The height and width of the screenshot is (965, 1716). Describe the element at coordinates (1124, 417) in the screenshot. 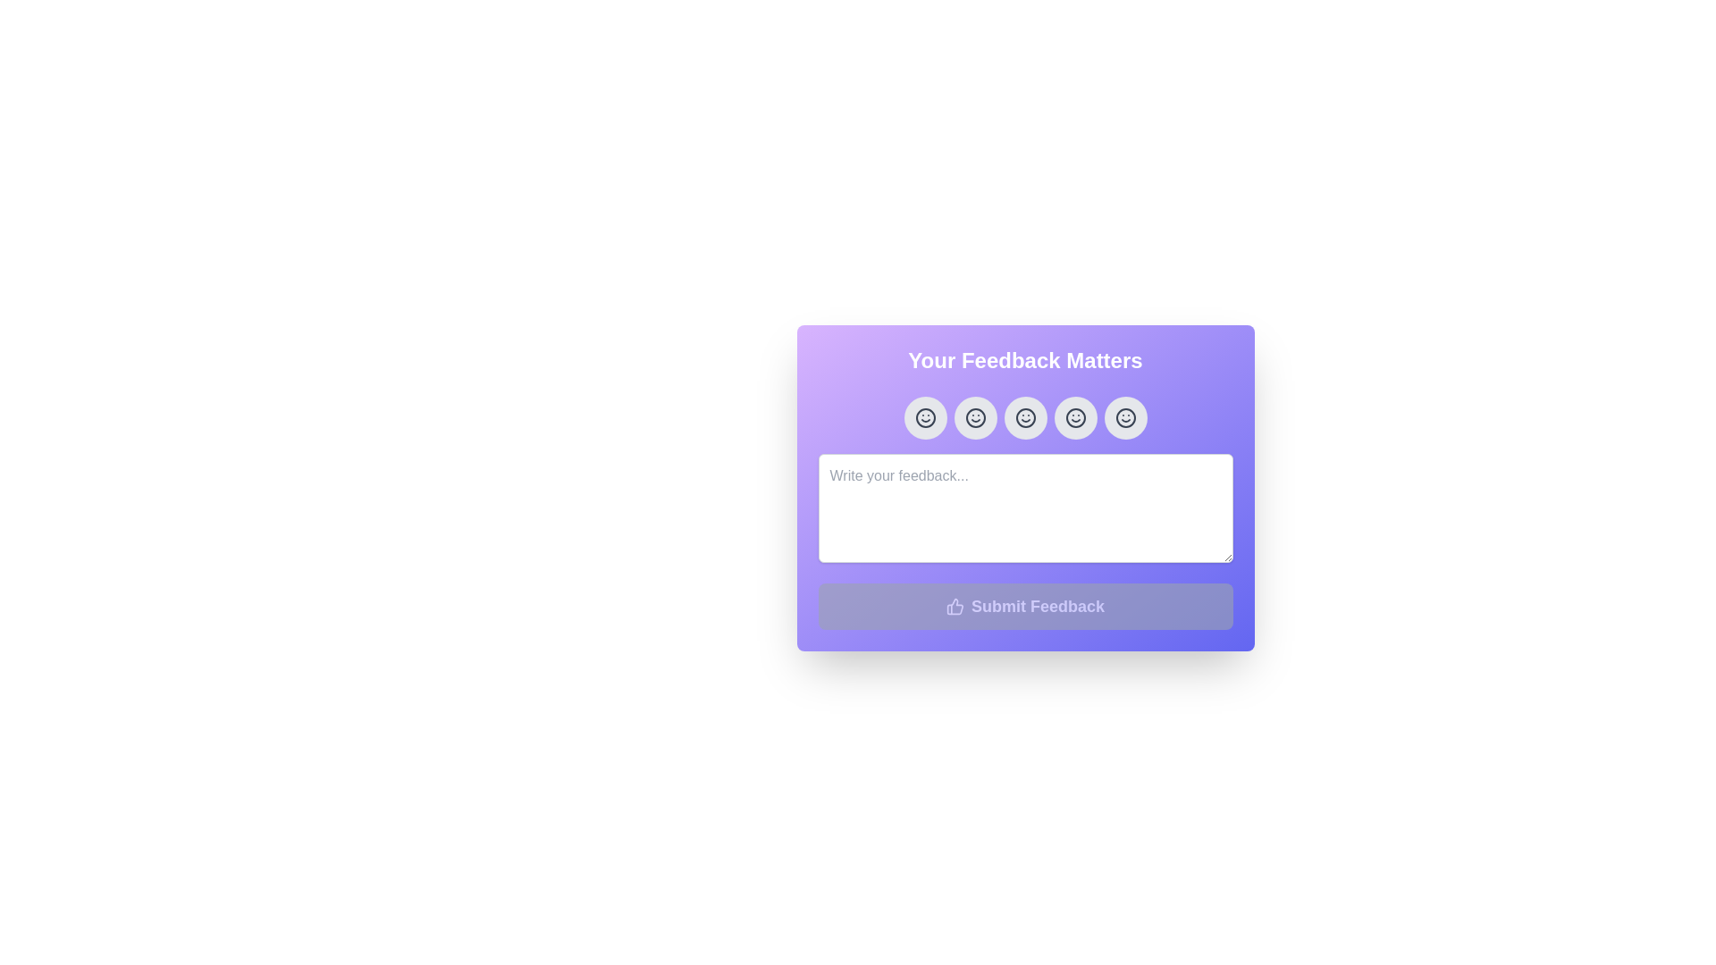

I see `the circular button with a gray background and a smiley face icon, which is the last button in a row of five buttons near the top of the feedback form` at that location.